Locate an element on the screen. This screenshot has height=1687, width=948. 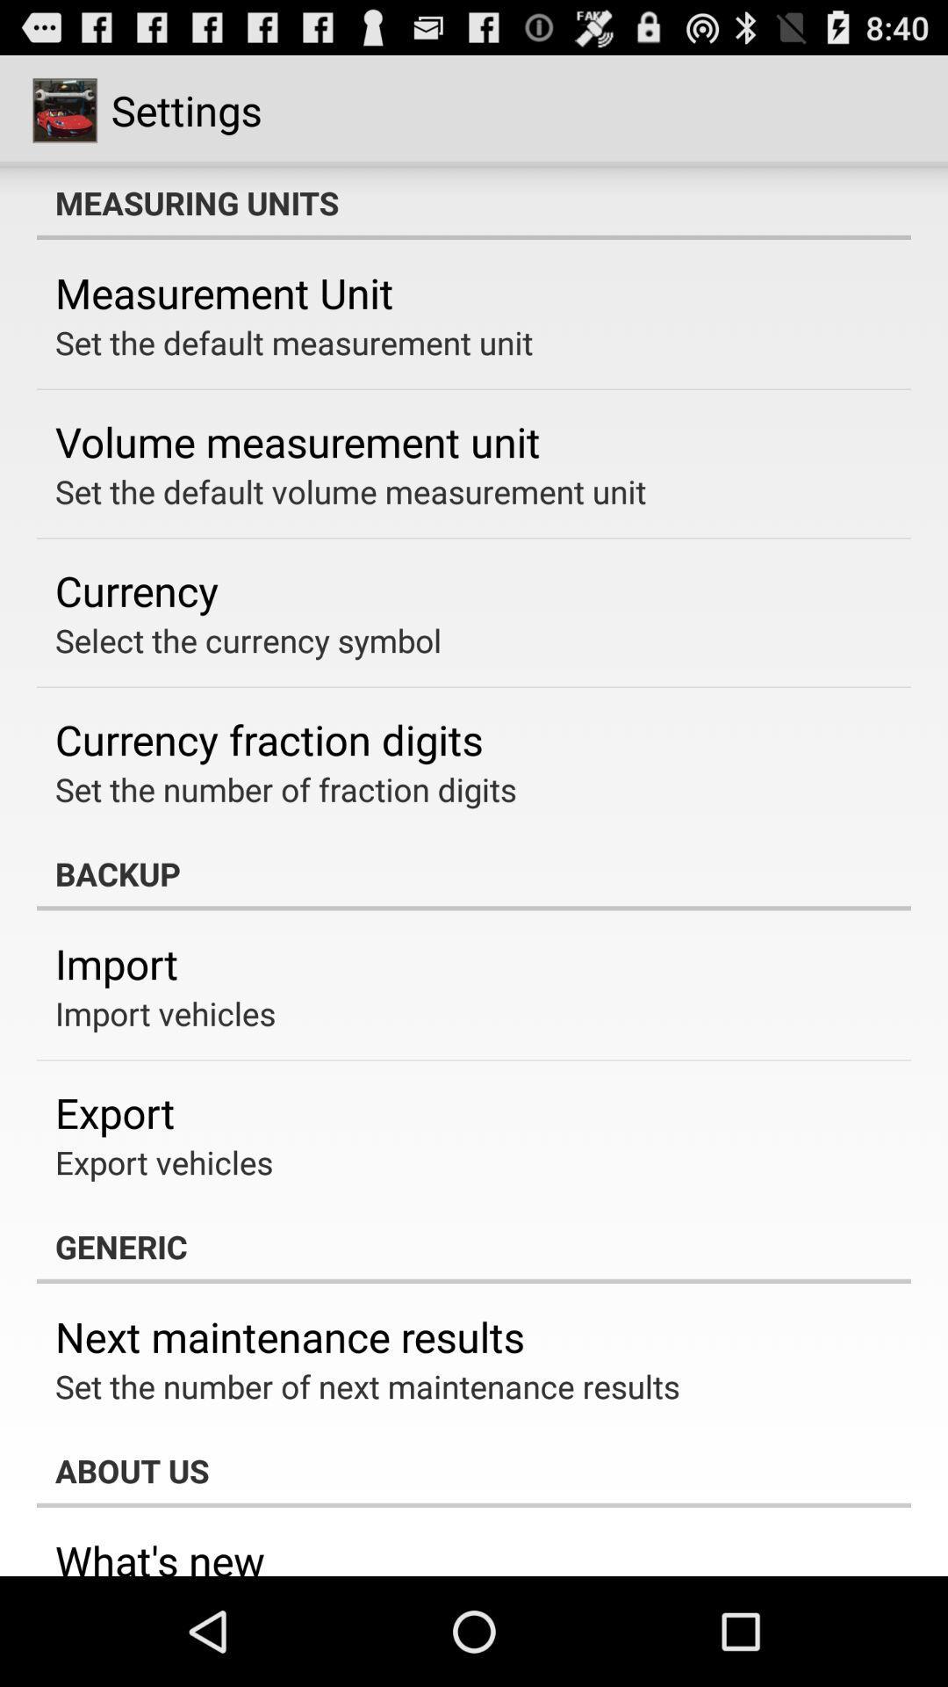
backup is located at coordinates (474, 873).